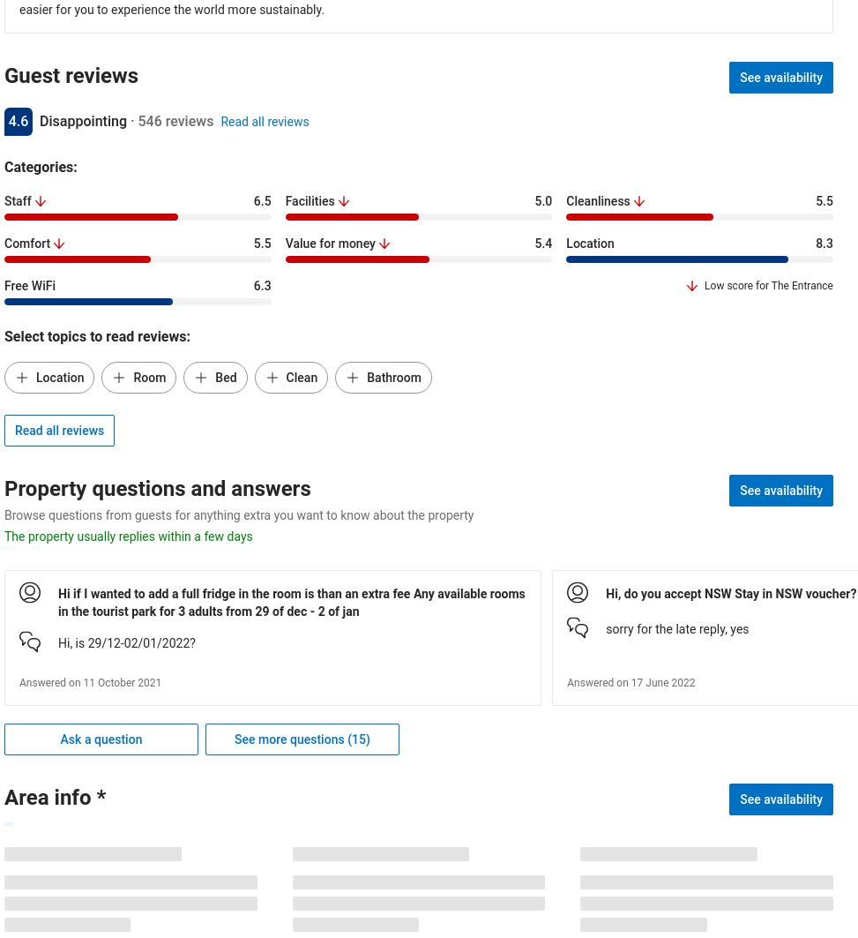 Image resolution: width=858 pixels, height=938 pixels. Describe the element at coordinates (704, 286) in the screenshot. I see `'Low score for The Entrance'` at that location.